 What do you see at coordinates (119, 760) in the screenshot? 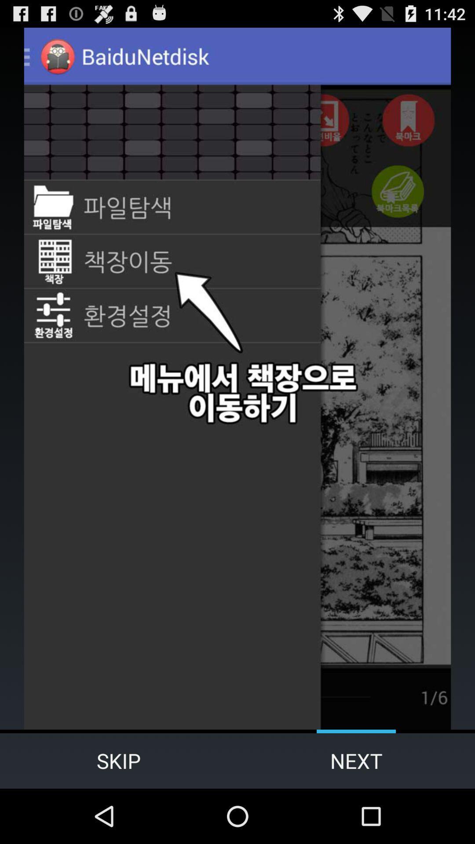
I see `skip item` at bounding box center [119, 760].